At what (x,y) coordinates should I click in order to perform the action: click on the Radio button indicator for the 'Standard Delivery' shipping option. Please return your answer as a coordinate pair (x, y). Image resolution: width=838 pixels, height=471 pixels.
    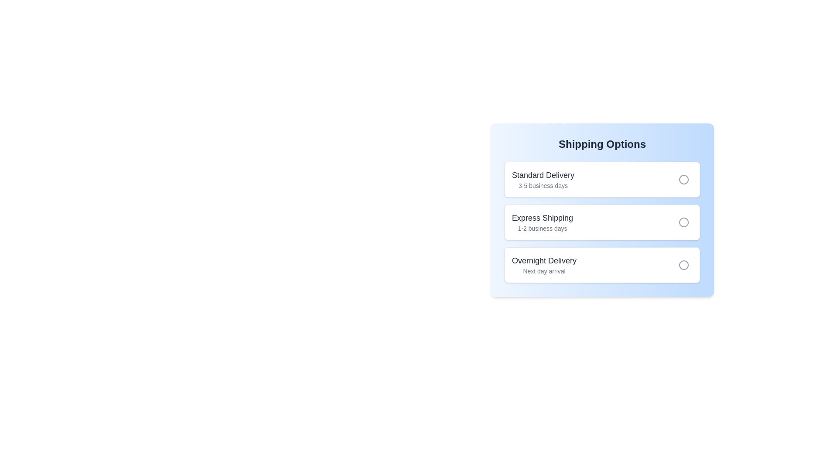
    Looking at the image, I should click on (683, 179).